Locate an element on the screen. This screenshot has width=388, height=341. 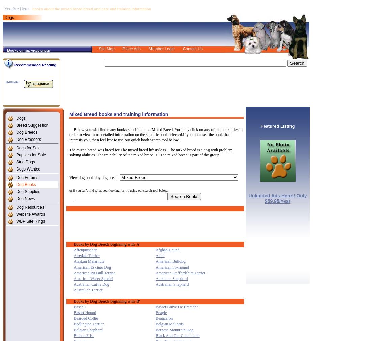
'Below you will find many books specific to the Mixed Breed.  You may click on any of the book titles in order to view more detailed information on the specific book selected.If you don't see the book that interests you,  then feel free to use our quick book search tool below.' is located at coordinates (156, 134).